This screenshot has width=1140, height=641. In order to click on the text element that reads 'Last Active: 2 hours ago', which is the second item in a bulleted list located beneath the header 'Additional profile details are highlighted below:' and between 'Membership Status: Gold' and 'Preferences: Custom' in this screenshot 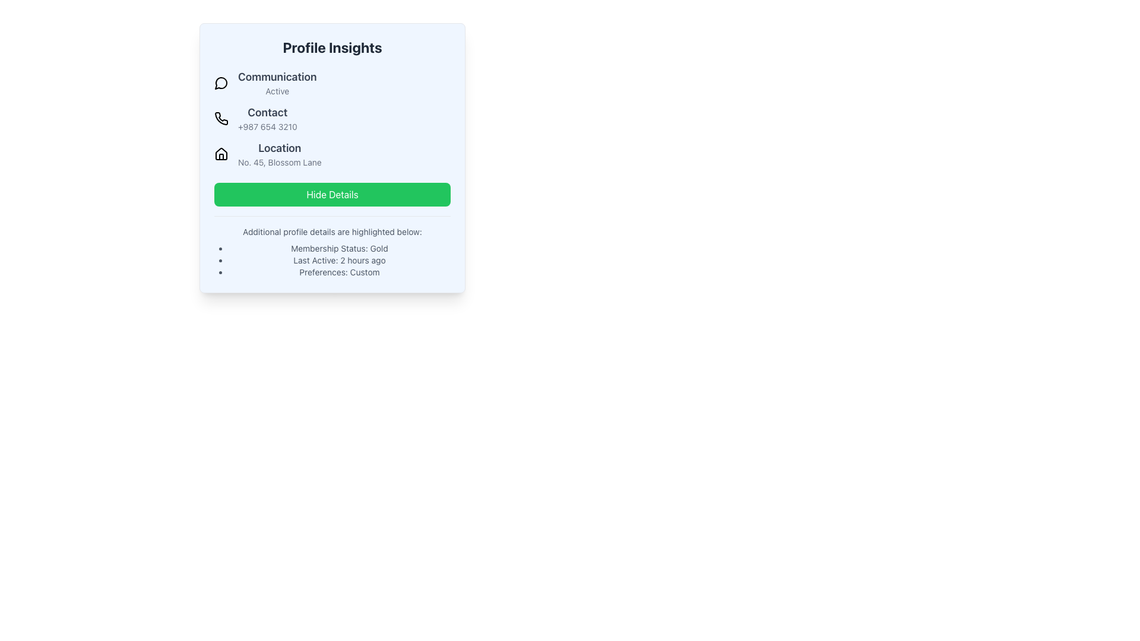, I will do `click(338, 260)`.